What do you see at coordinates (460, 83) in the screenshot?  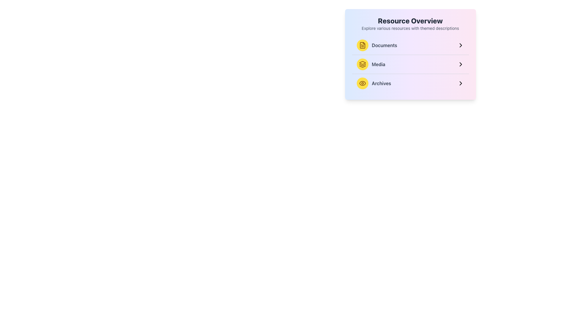 I see `the navigational button located at the far right of the 'Archives' row in the 'Resource Overview' section to proceed to more details` at bounding box center [460, 83].